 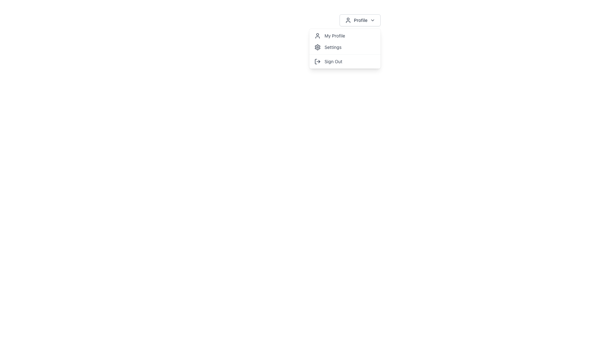 I want to click on the 'Sign Out' button, which is the last option in the dropdown menu, to provide visual feedback, so click(x=344, y=61).